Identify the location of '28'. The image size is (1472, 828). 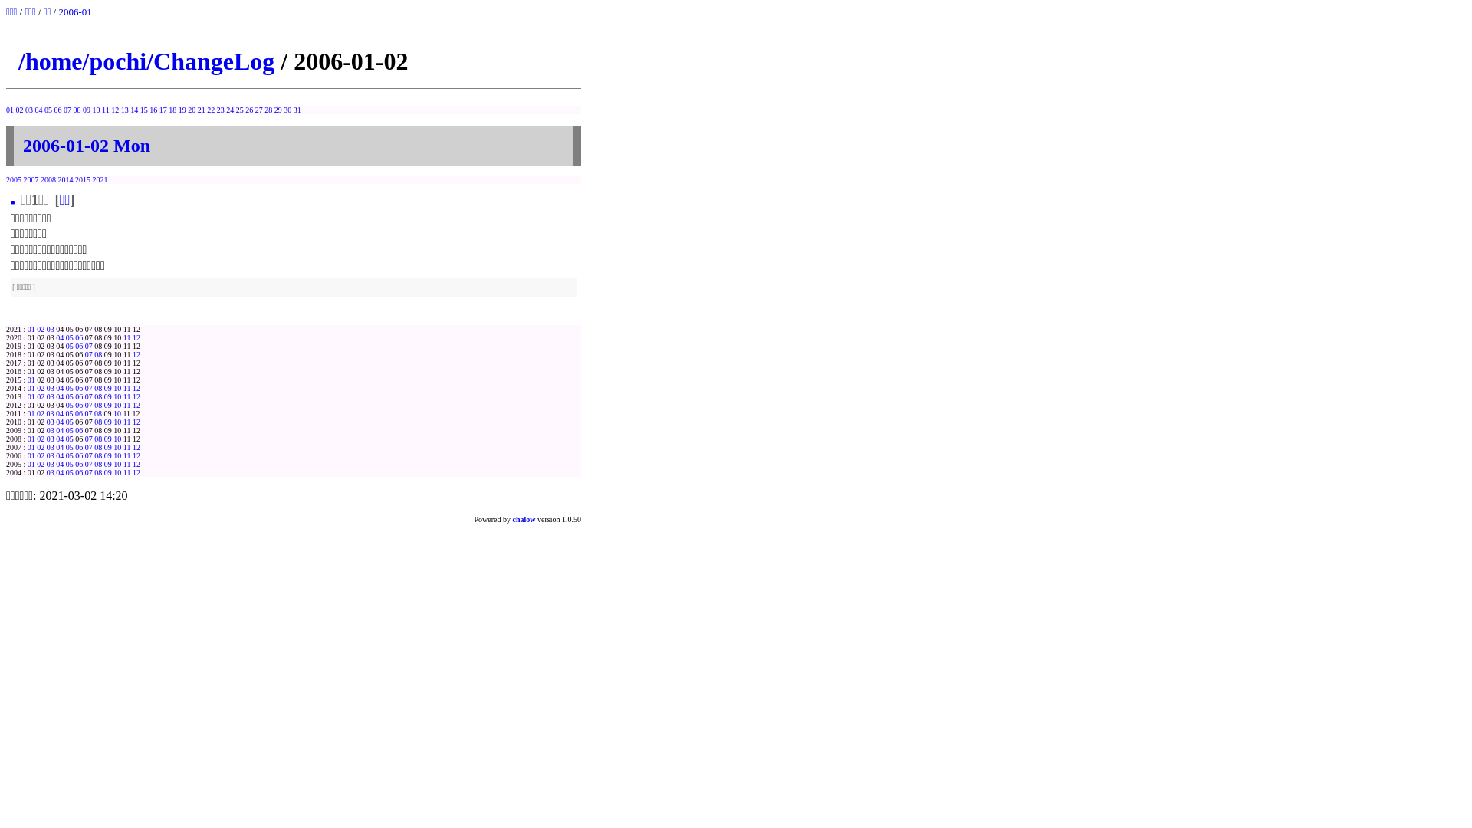
(268, 109).